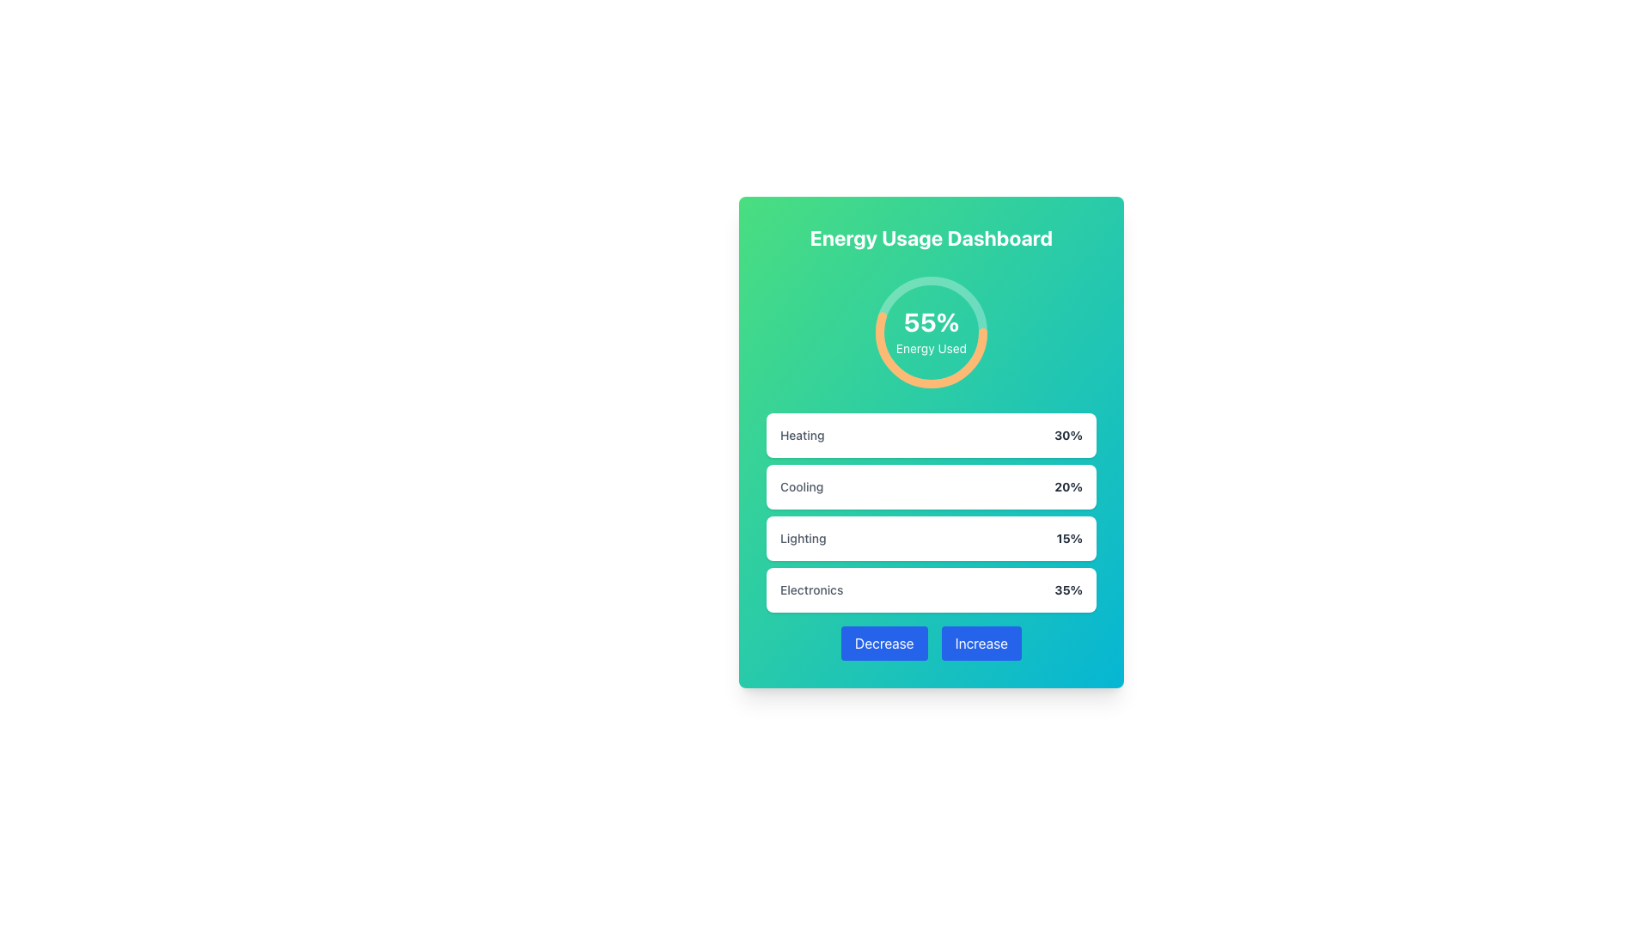 This screenshot has width=1650, height=928. What do you see at coordinates (1067, 487) in the screenshot?
I see `static text label displaying the percentage of energy consumption related to 'Cooling', located in the third card from the top in a green dashboard interface` at bounding box center [1067, 487].